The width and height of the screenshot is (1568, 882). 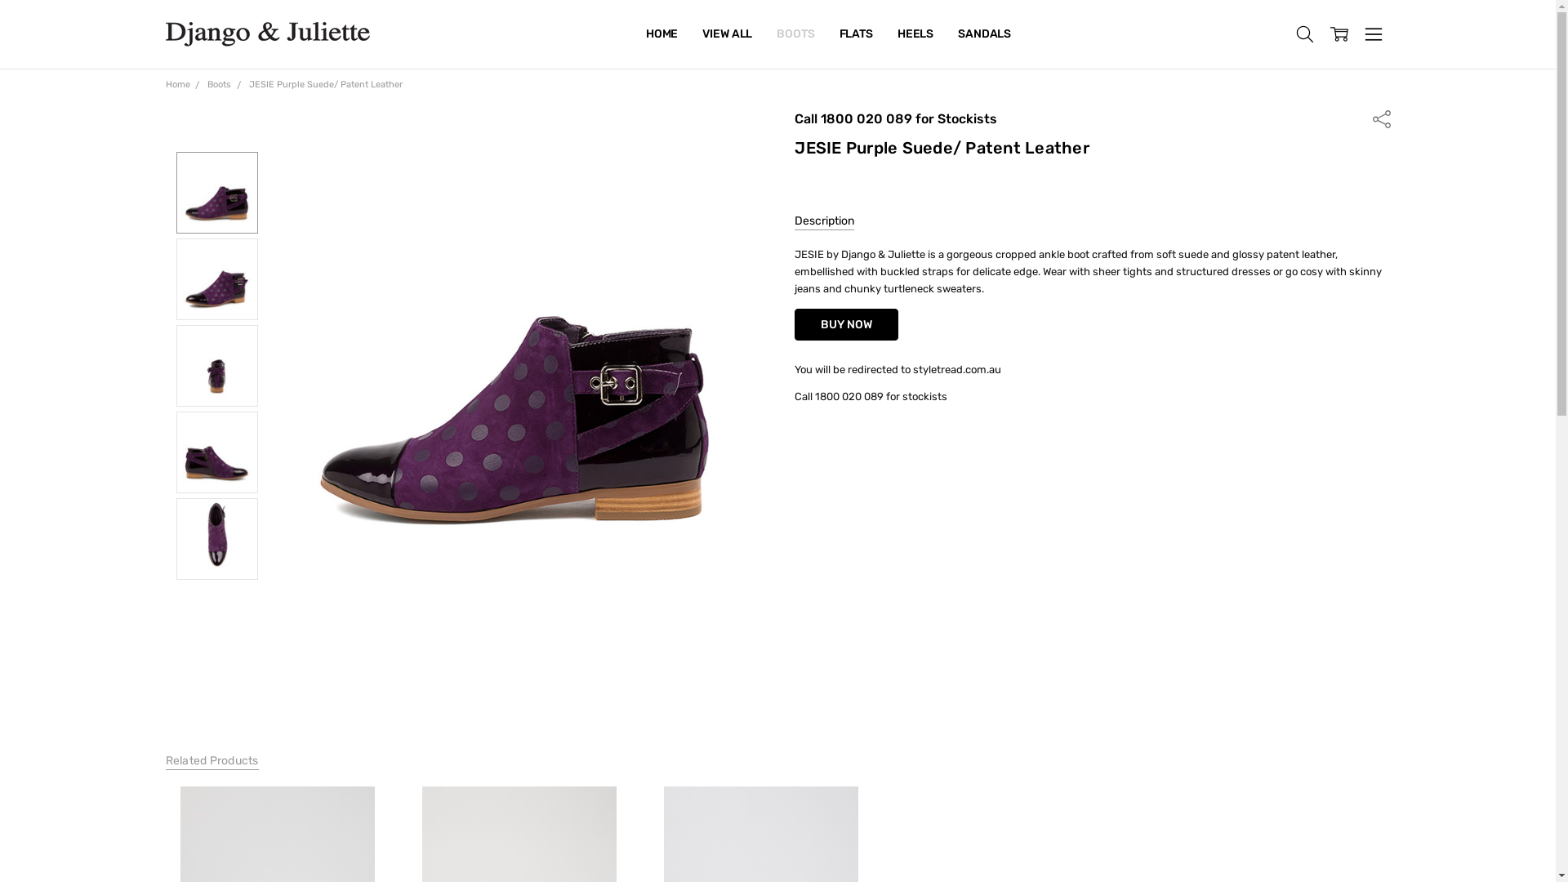 What do you see at coordinates (721, 34) in the screenshot?
I see `'ABOUT DJANGO & JULIETTE'` at bounding box center [721, 34].